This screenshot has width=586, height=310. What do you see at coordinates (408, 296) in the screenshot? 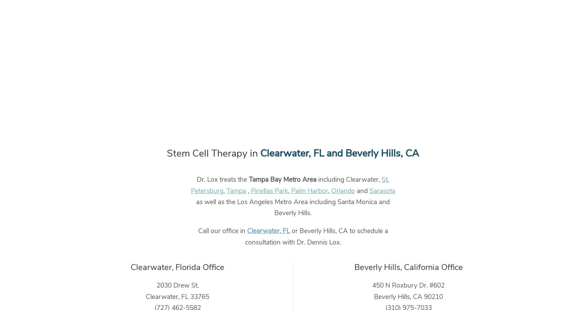
I see `'Beverly Hills, CA 90210'` at bounding box center [408, 296].